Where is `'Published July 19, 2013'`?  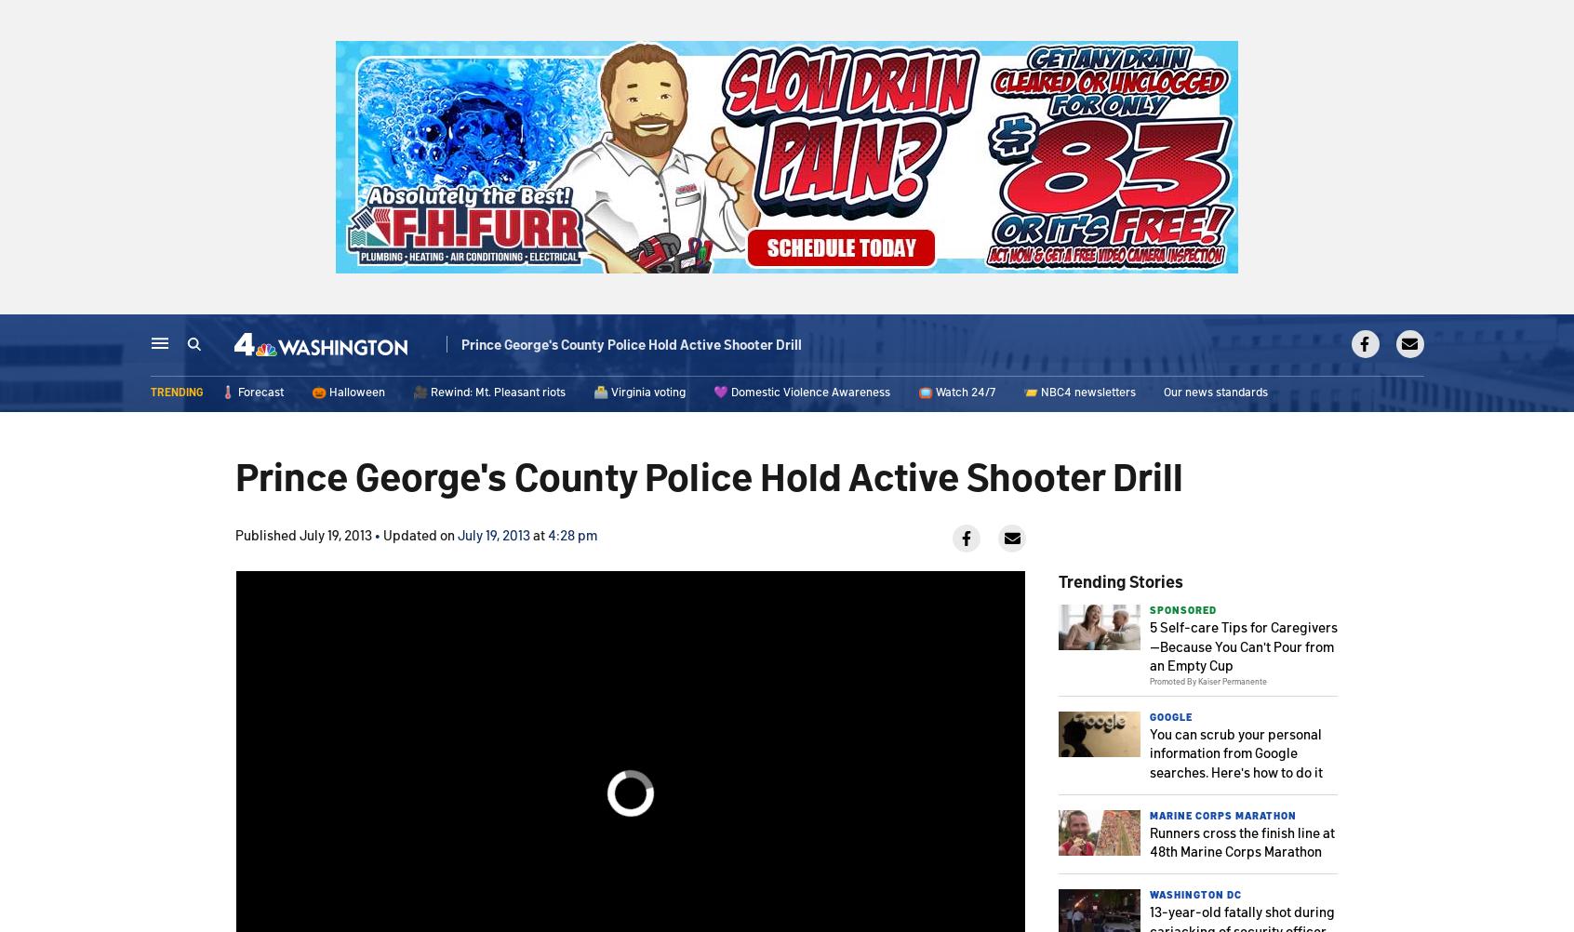 'Published July 19, 2013' is located at coordinates (302, 534).